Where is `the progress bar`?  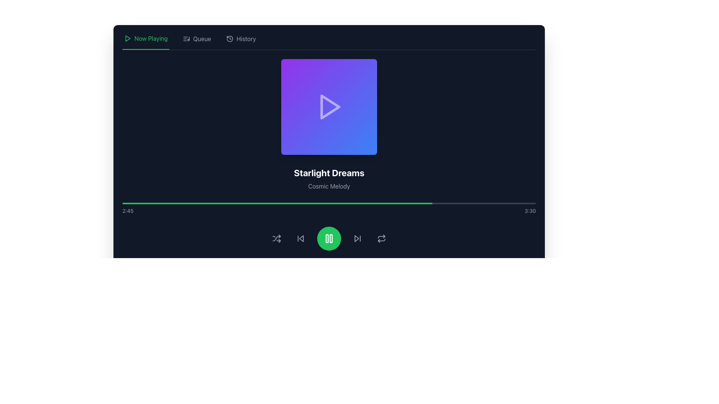 the progress bar is located at coordinates (238, 203).